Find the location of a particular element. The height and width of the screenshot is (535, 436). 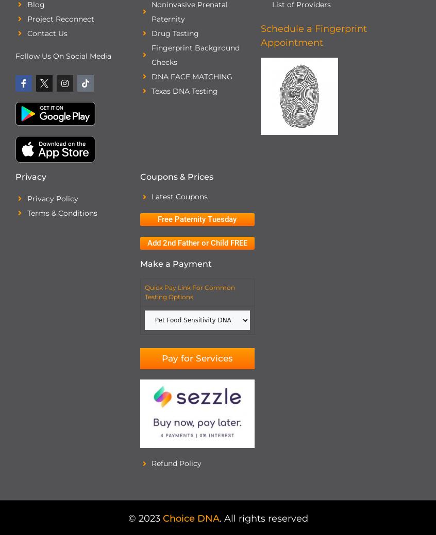

'Terms & Conditions' is located at coordinates (61, 213).